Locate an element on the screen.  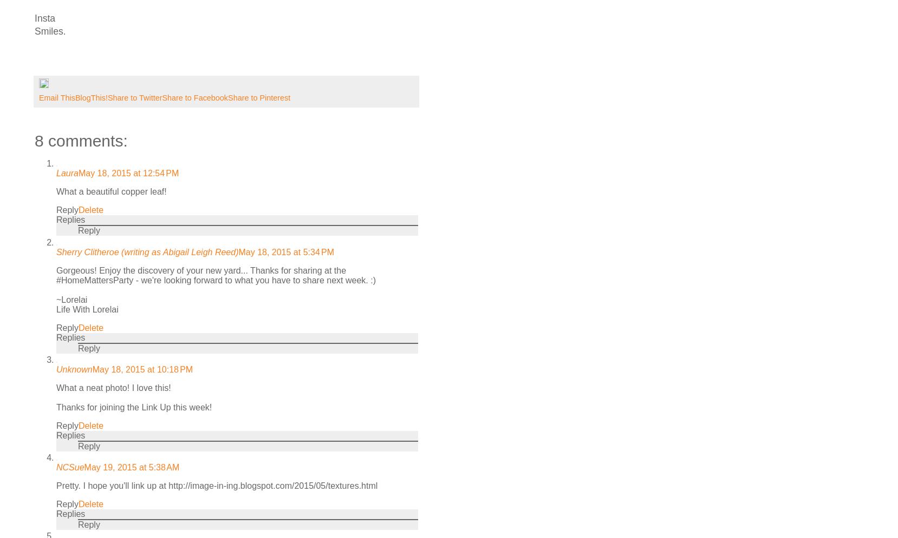
'Life With Lorelai' is located at coordinates (55, 309).